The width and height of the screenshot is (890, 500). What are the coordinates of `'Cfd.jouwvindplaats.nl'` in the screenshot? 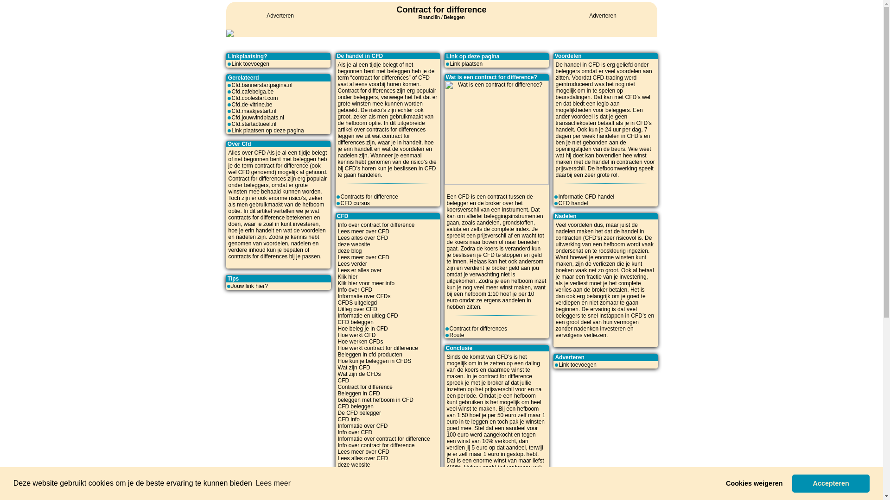 It's located at (258, 117).